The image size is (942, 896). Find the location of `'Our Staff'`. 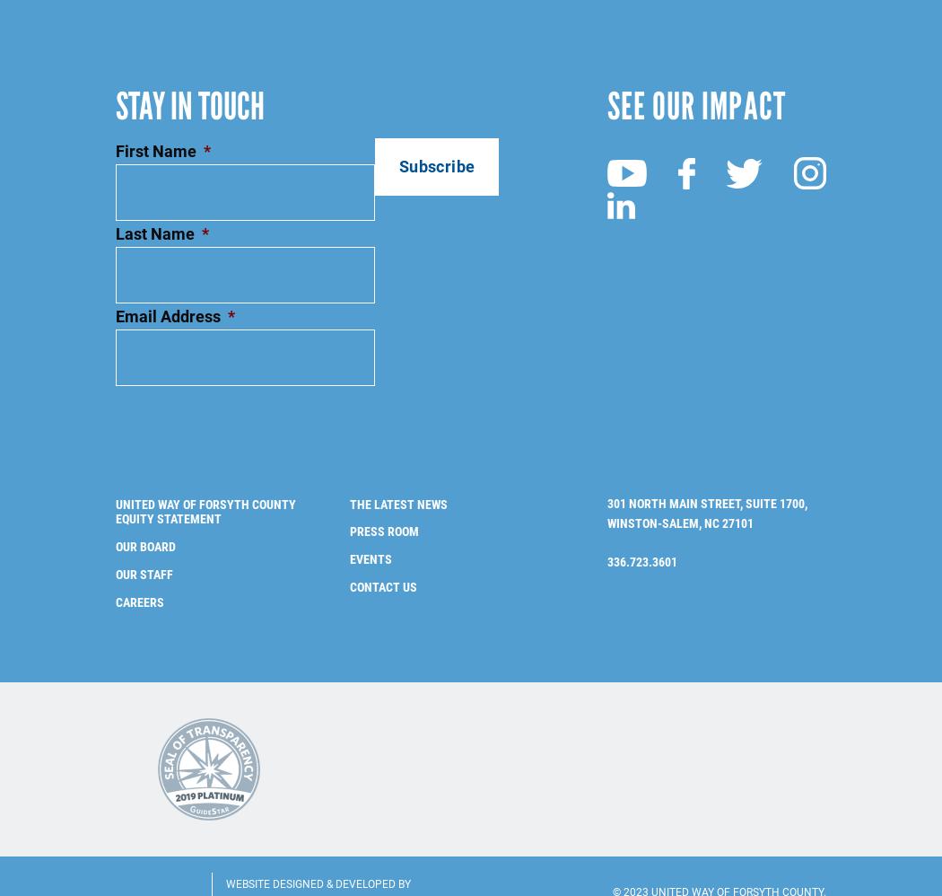

'Our Staff' is located at coordinates (115, 544).